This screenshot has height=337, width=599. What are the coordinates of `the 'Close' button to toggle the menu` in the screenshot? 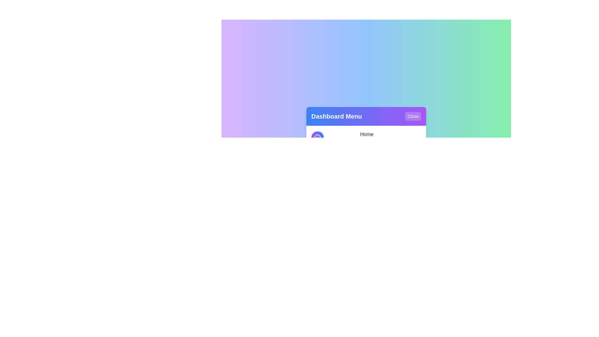 It's located at (413, 116).